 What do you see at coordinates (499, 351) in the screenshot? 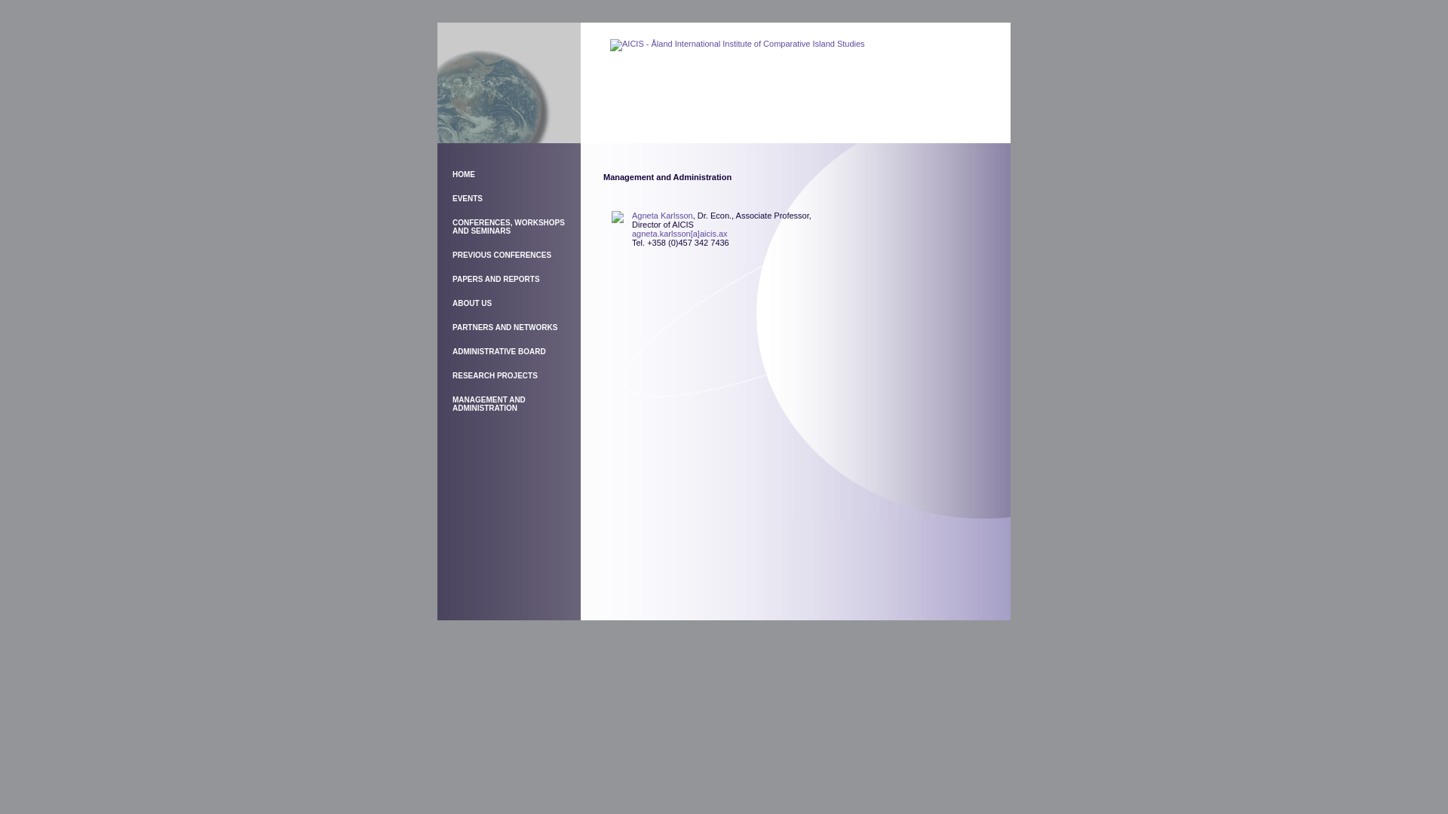
I see `'ADMINISTRATIVE BOARD'` at bounding box center [499, 351].